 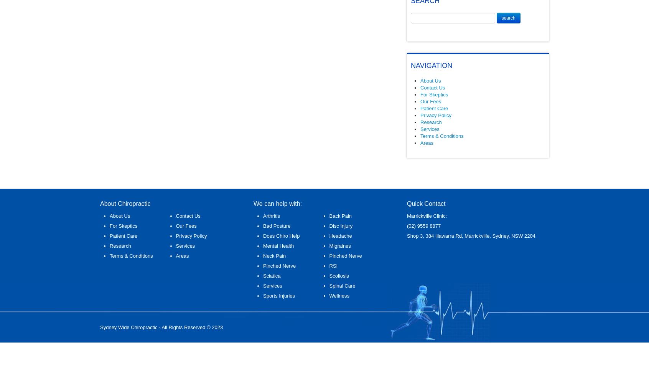 What do you see at coordinates (161, 327) in the screenshot?
I see `'Sydney Wide Chiropractic - All Rights Reserved © 2023'` at bounding box center [161, 327].